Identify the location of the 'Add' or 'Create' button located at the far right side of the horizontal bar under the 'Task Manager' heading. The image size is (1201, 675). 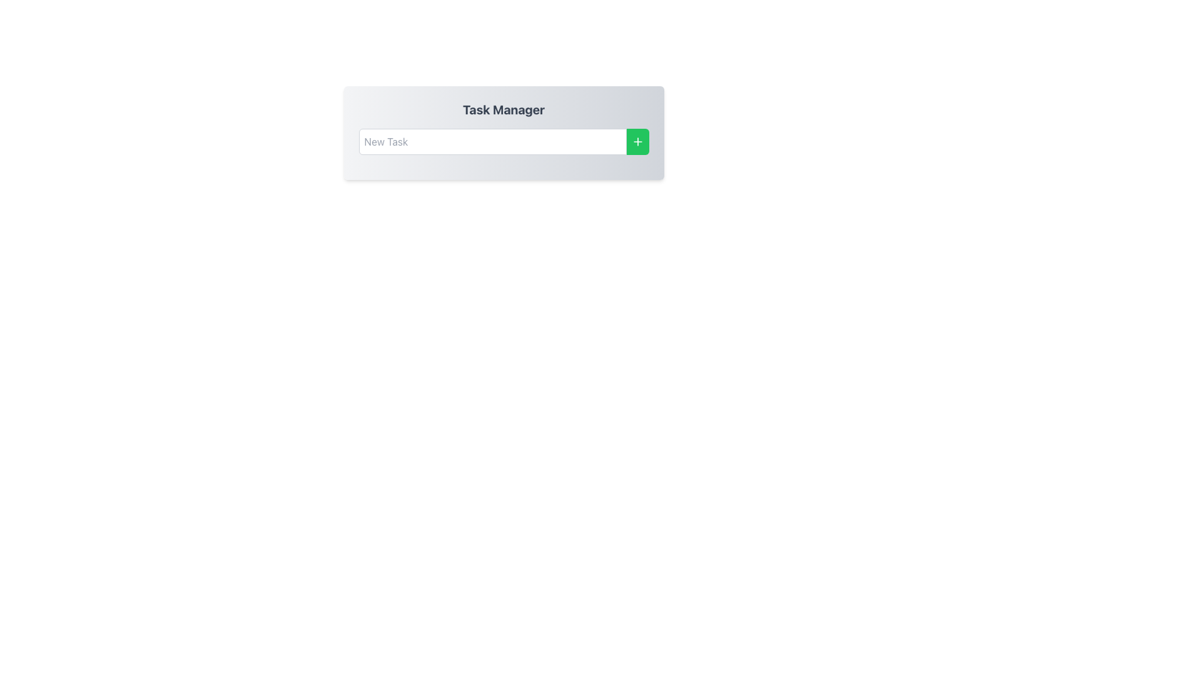
(637, 141).